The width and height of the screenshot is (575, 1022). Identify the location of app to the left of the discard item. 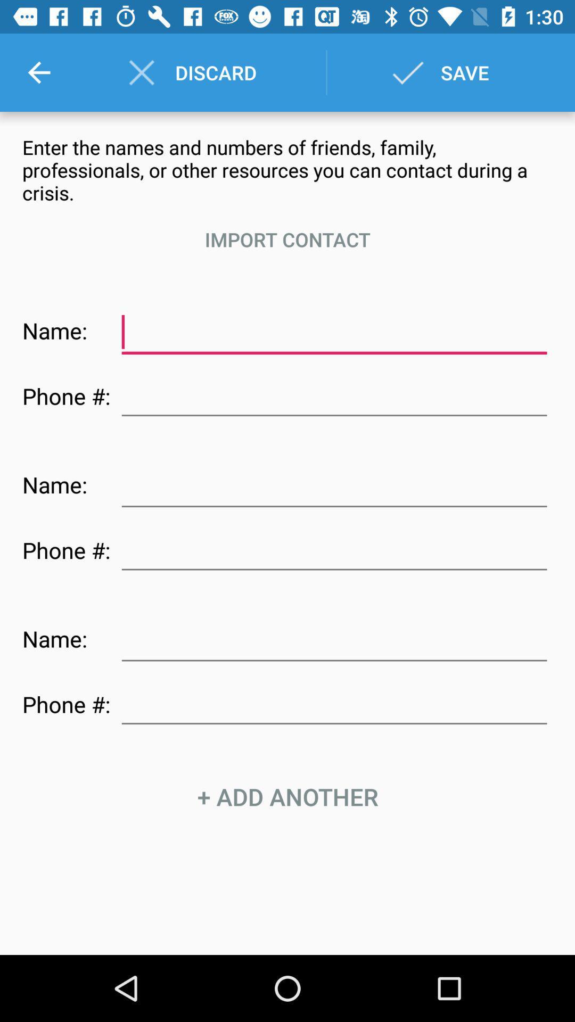
(38, 72).